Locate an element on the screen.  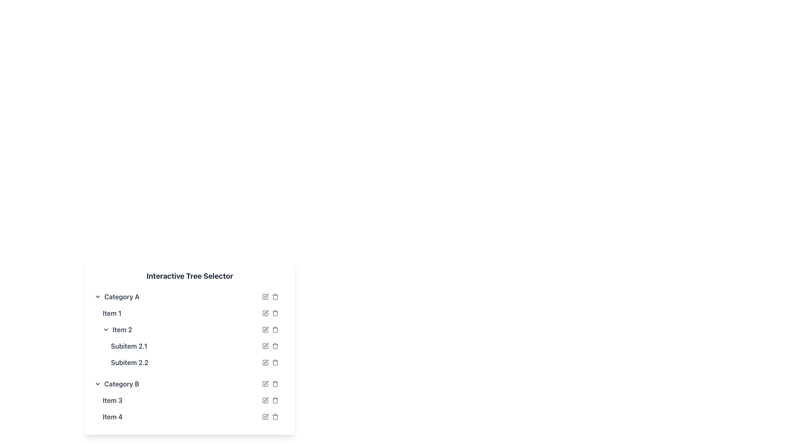
the edit icon button located to the right of the text 'Subitem 2.2' in the 'Interactive Tree Selector' is located at coordinates (265, 362).